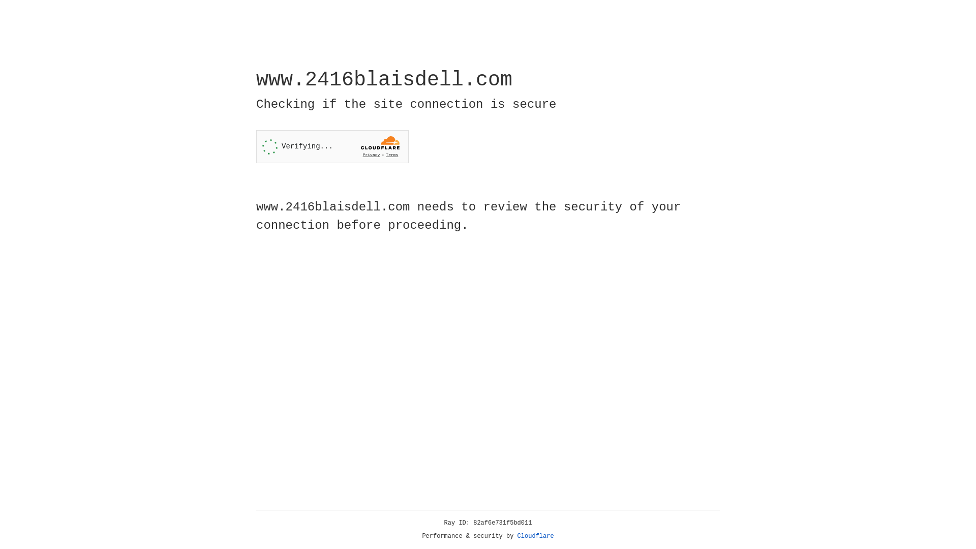 This screenshot has height=549, width=976. What do you see at coordinates (332, 146) in the screenshot?
I see `'Widget containing a Cloudflare security challenge'` at bounding box center [332, 146].